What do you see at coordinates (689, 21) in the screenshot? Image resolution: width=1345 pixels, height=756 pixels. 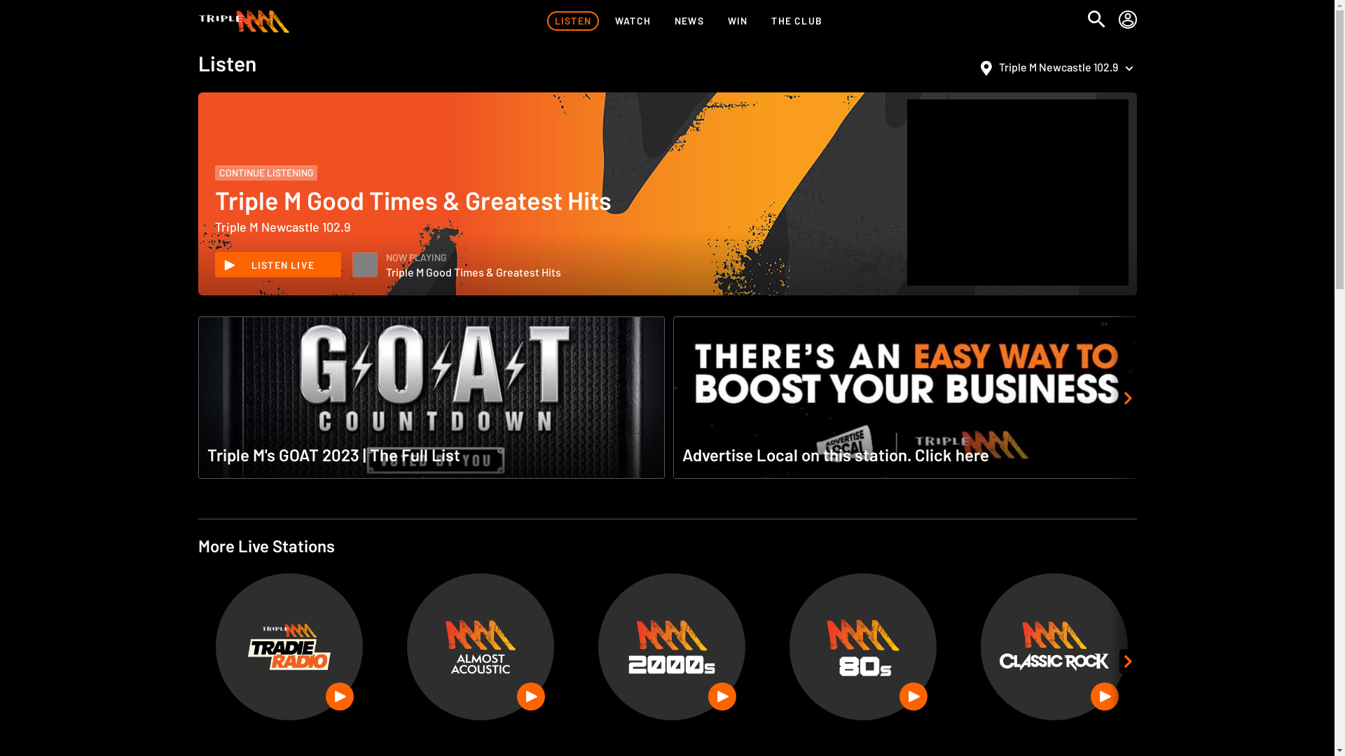 I see `'NEWS'` at bounding box center [689, 21].